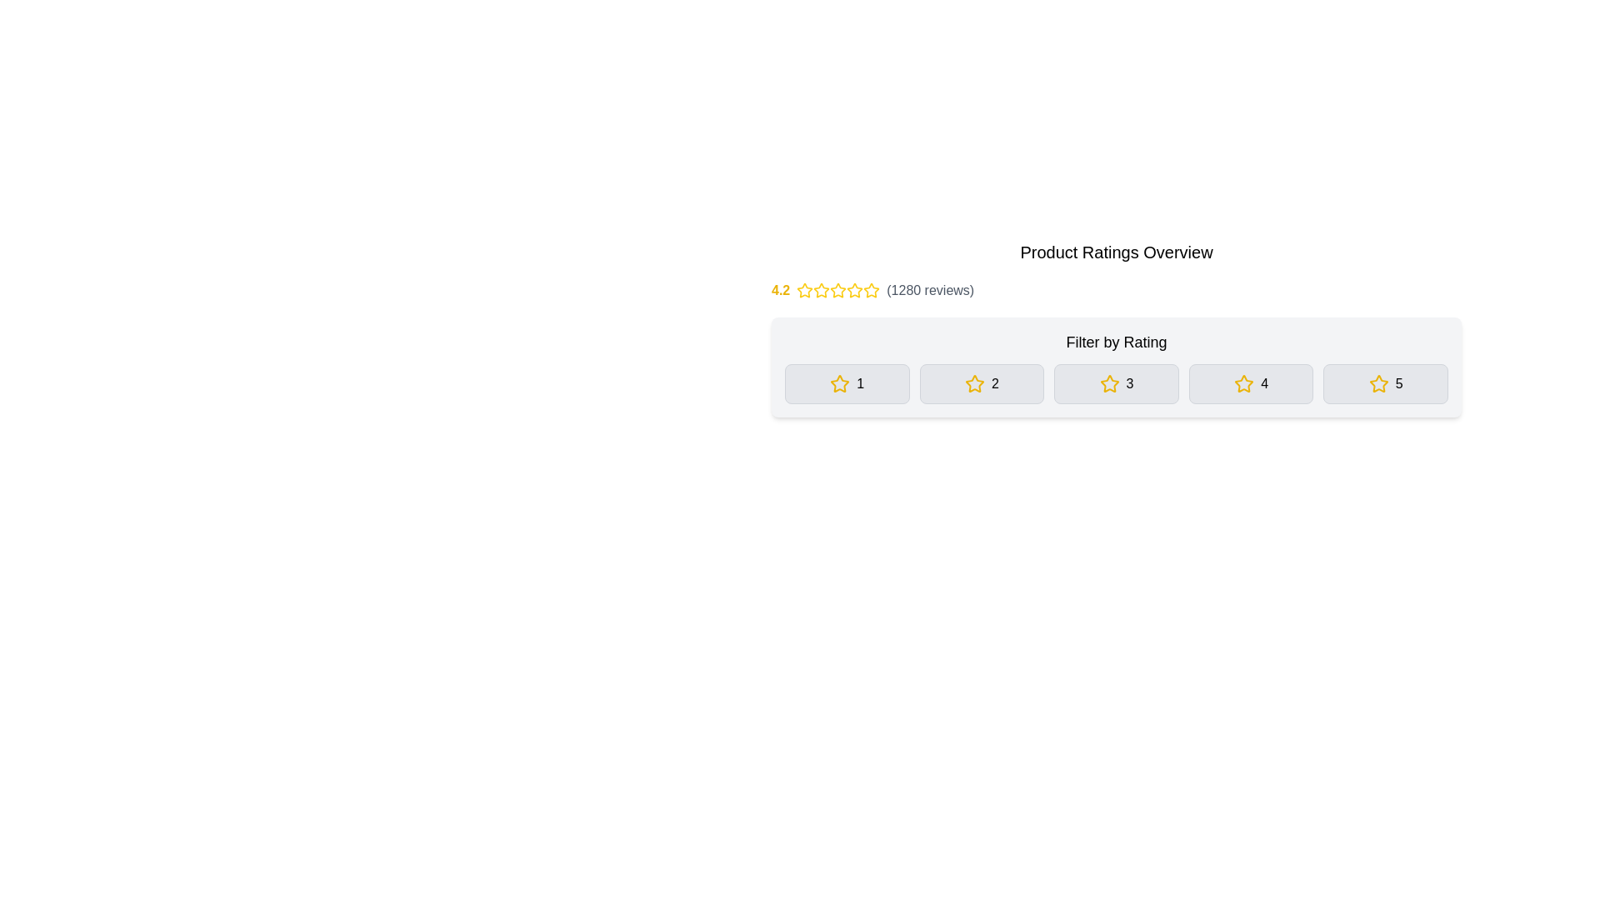  I want to click on the golden star icon with a hollow design in the 'Filter by Rating' section, so click(974, 384).